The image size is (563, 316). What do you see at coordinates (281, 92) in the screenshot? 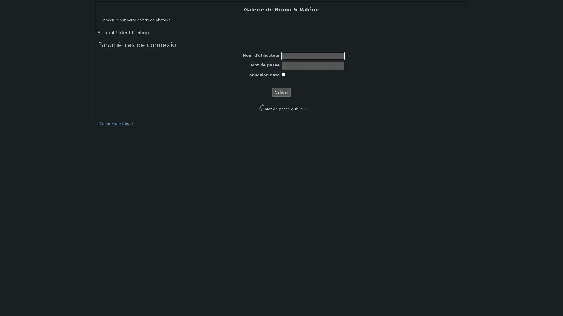
I see `Valider` at bounding box center [281, 92].